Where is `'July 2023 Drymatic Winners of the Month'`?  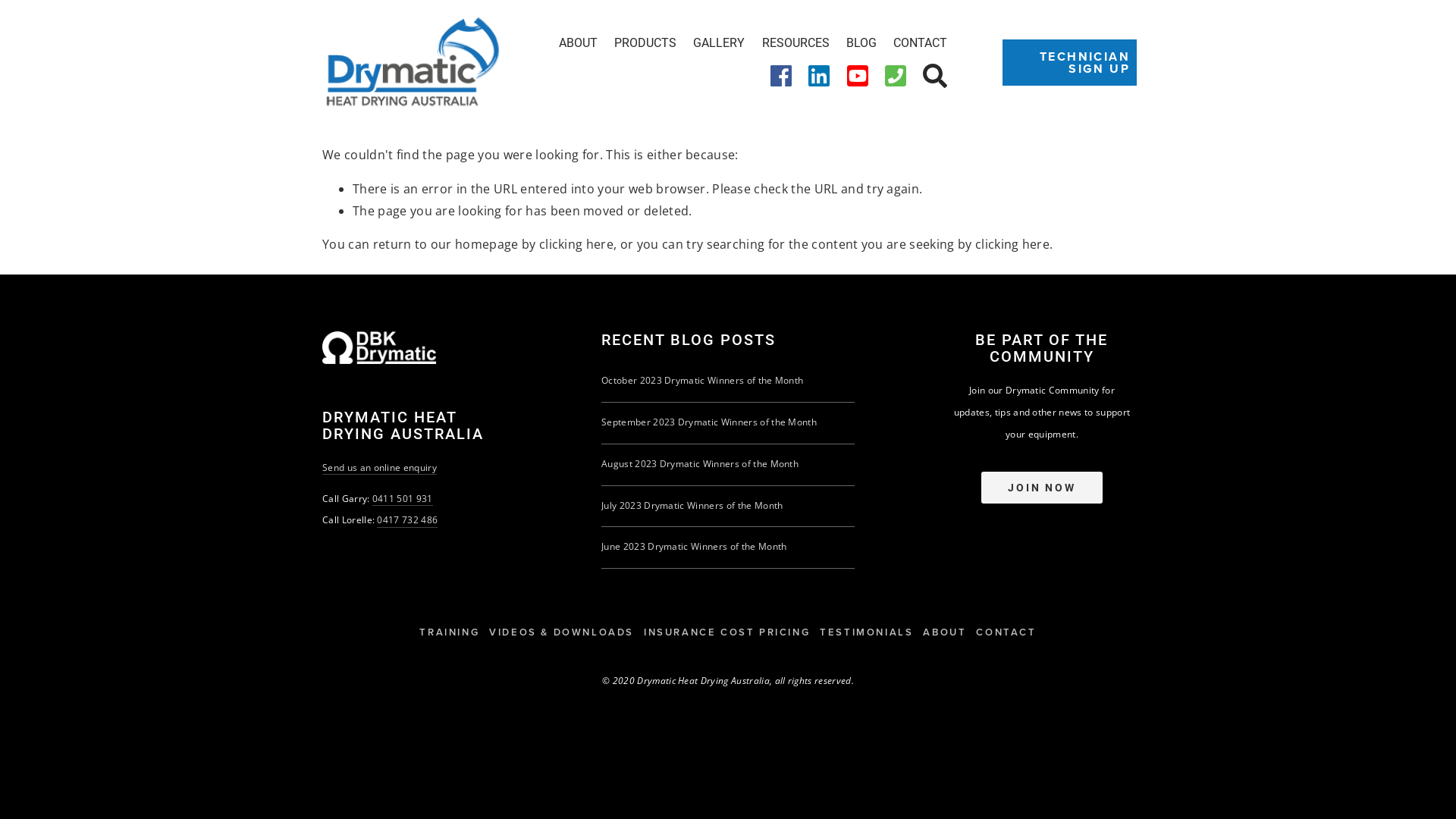
'July 2023 Drymatic Winners of the Month' is located at coordinates (691, 505).